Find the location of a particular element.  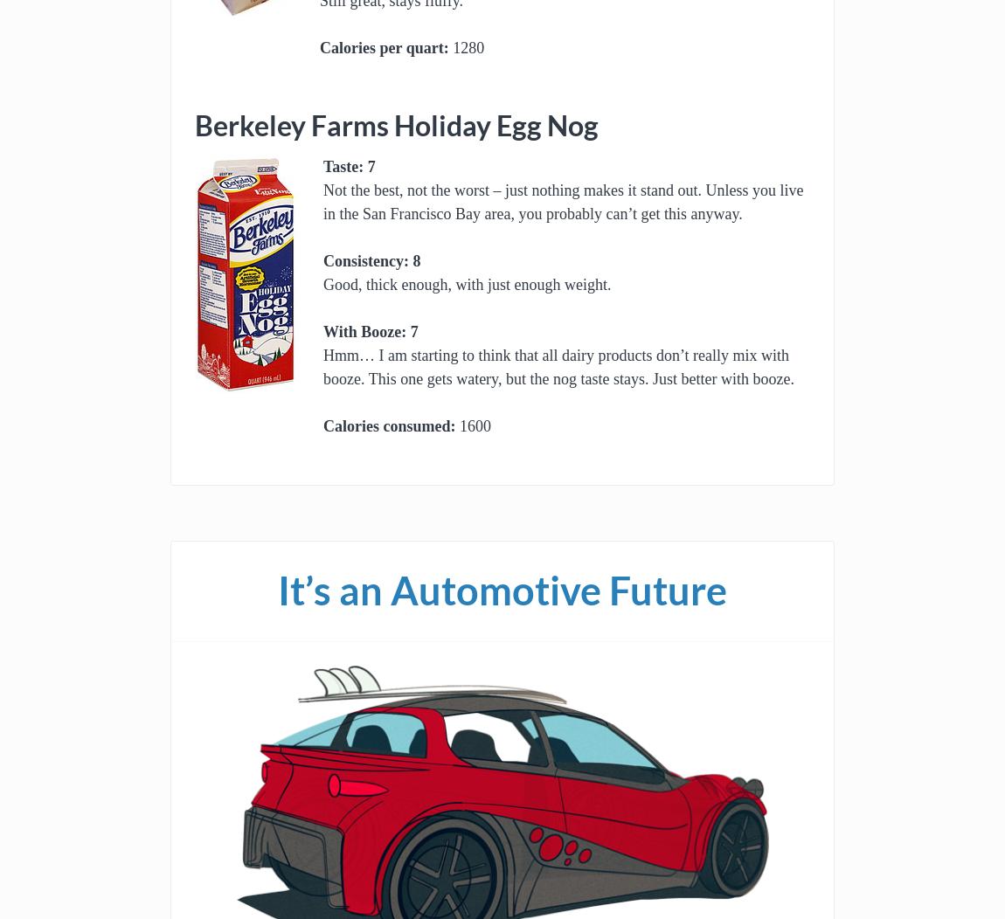

'With Booze: 7' is located at coordinates (371, 331).